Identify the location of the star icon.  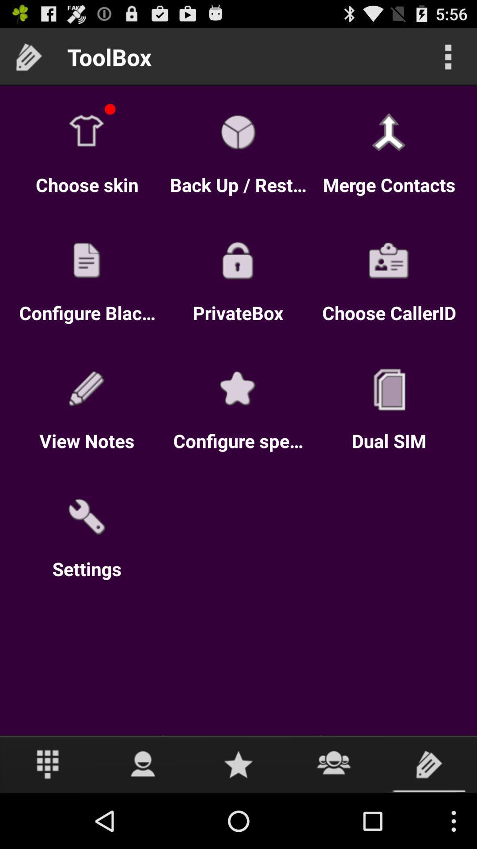
(238, 817).